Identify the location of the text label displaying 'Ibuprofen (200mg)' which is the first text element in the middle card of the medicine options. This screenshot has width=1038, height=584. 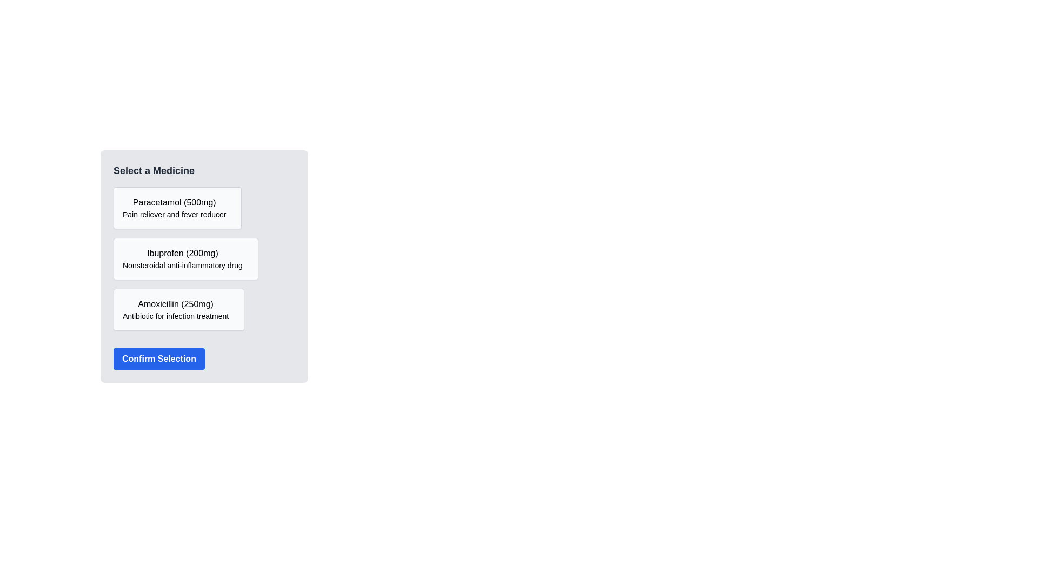
(182, 254).